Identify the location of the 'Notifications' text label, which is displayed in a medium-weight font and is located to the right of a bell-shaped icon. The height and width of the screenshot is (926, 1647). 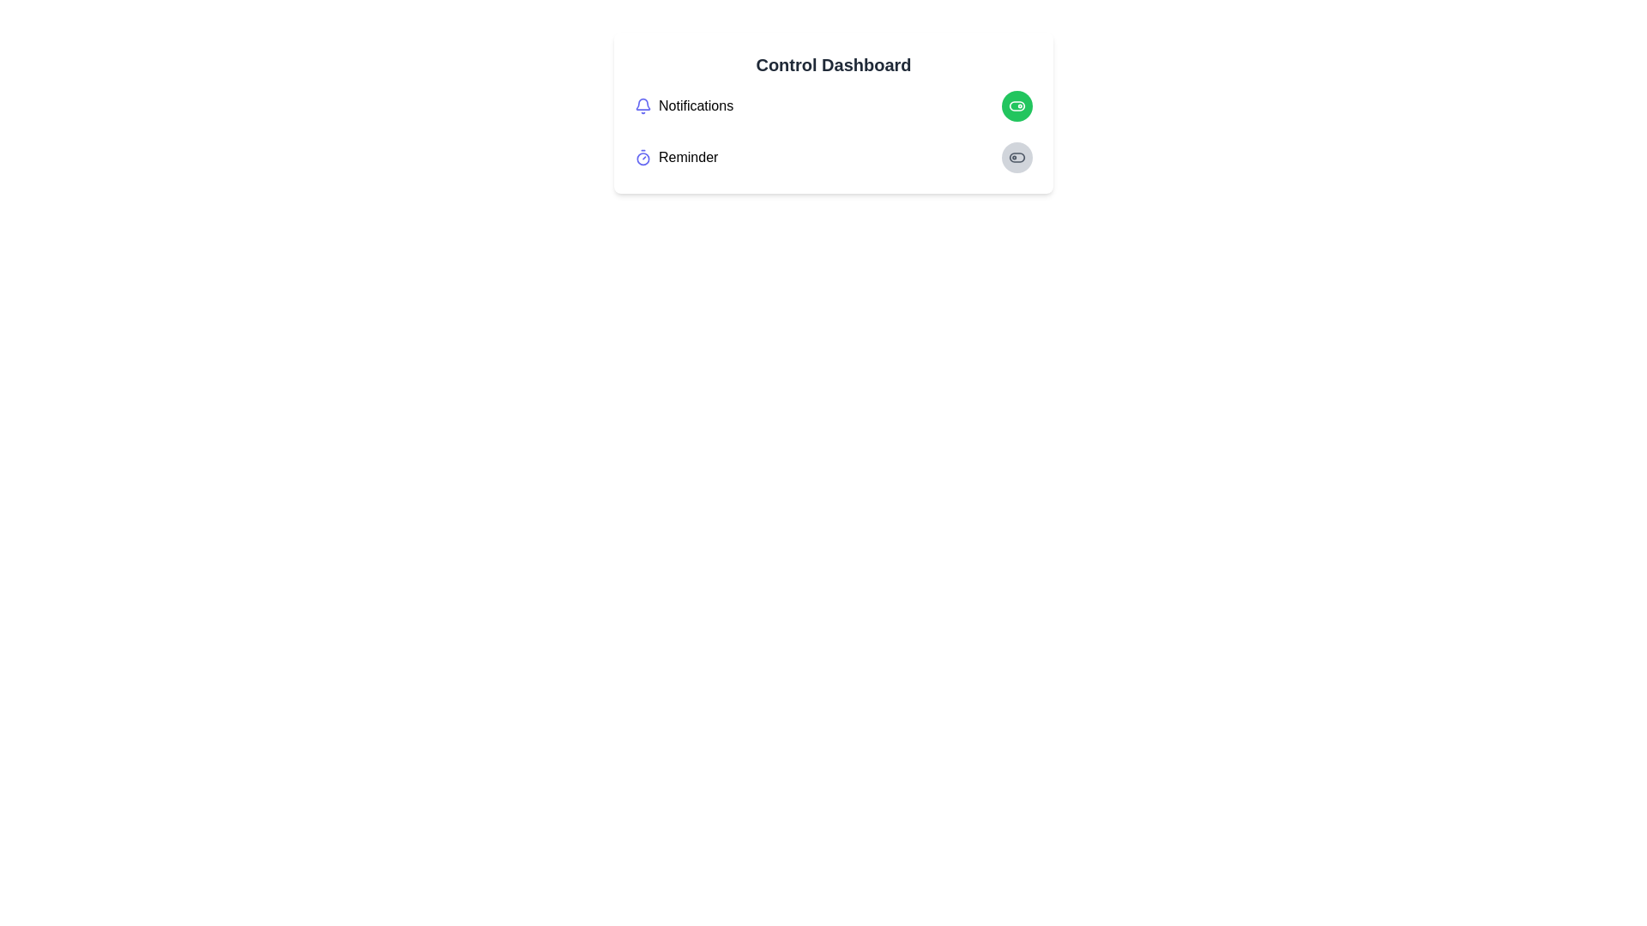
(696, 105).